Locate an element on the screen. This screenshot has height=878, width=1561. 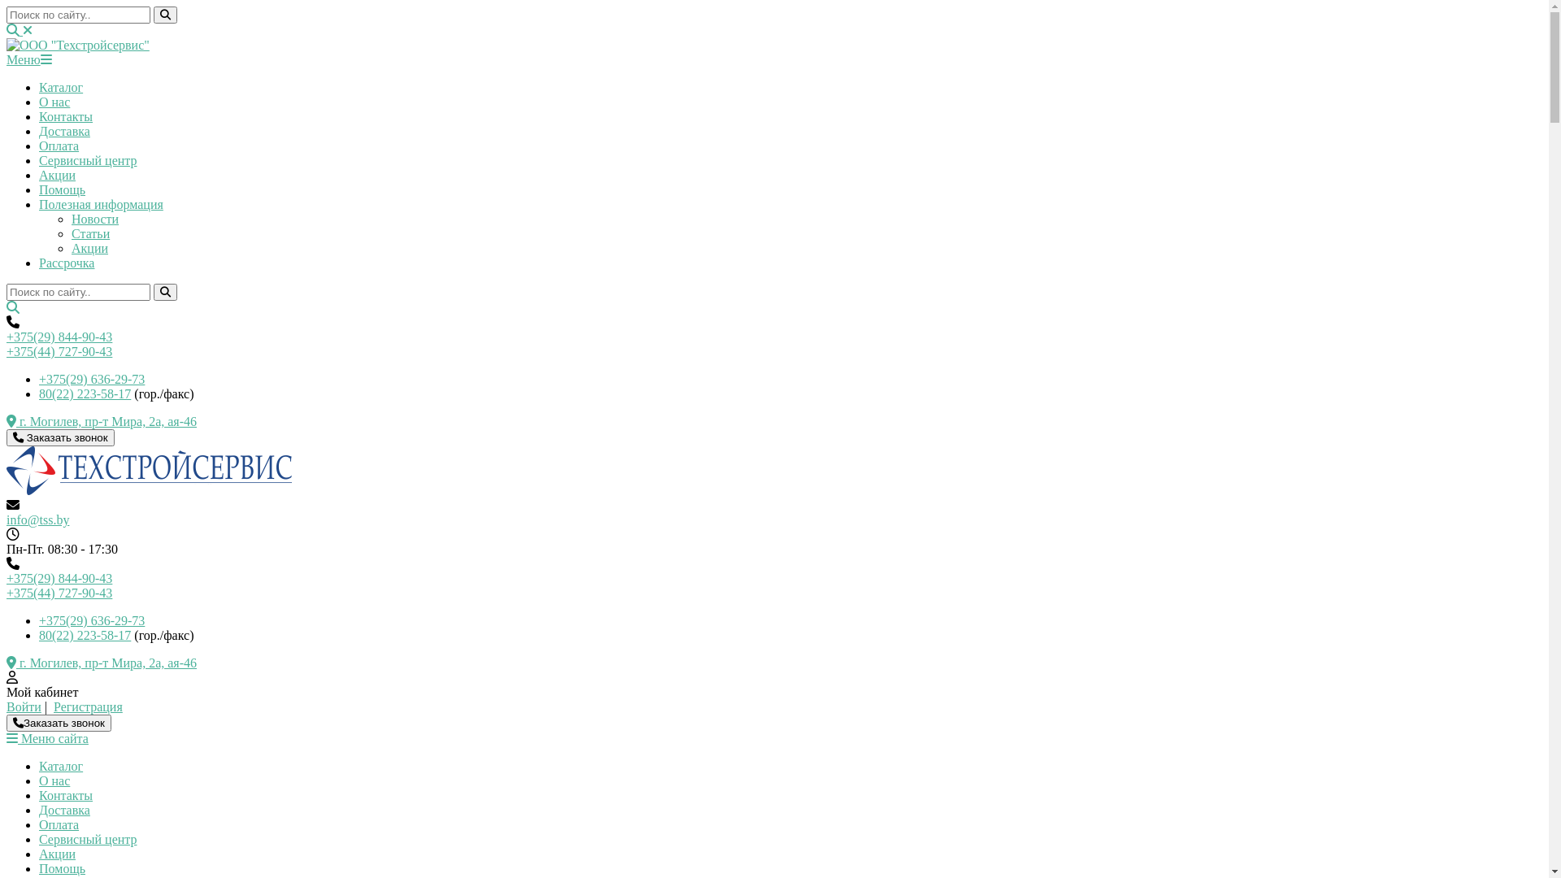
'+375(29) 636-29-73' is located at coordinates (91, 620).